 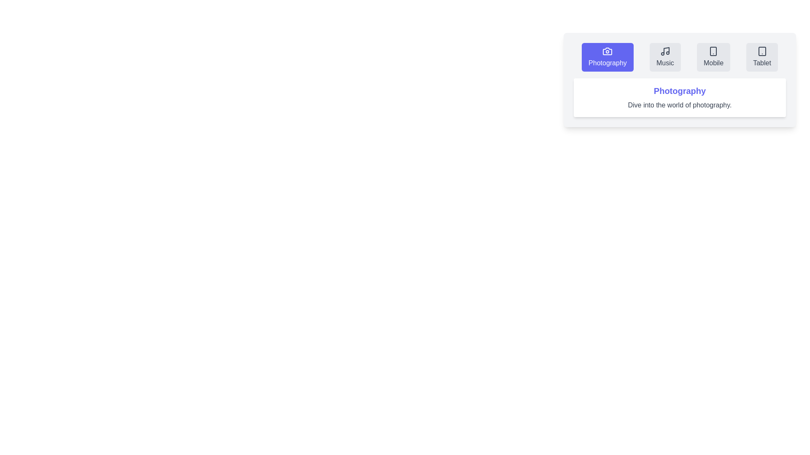 What do you see at coordinates (664, 57) in the screenshot?
I see `the tab labeled Music` at bounding box center [664, 57].